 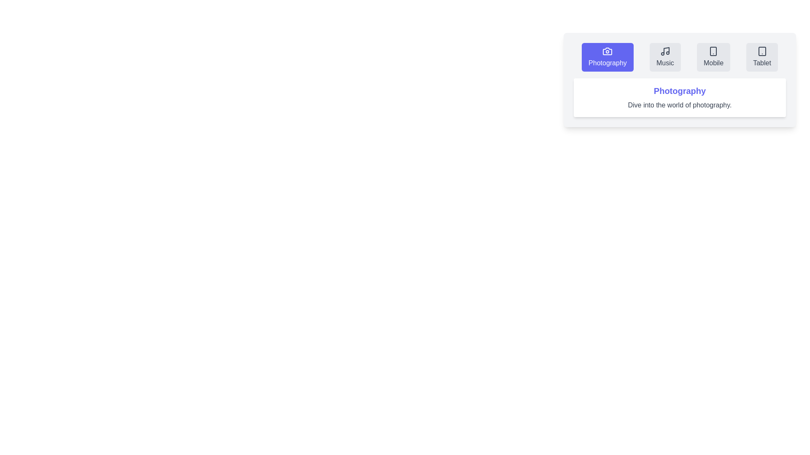 What do you see at coordinates (664, 57) in the screenshot?
I see `the tab labeled Music` at bounding box center [664, 57].